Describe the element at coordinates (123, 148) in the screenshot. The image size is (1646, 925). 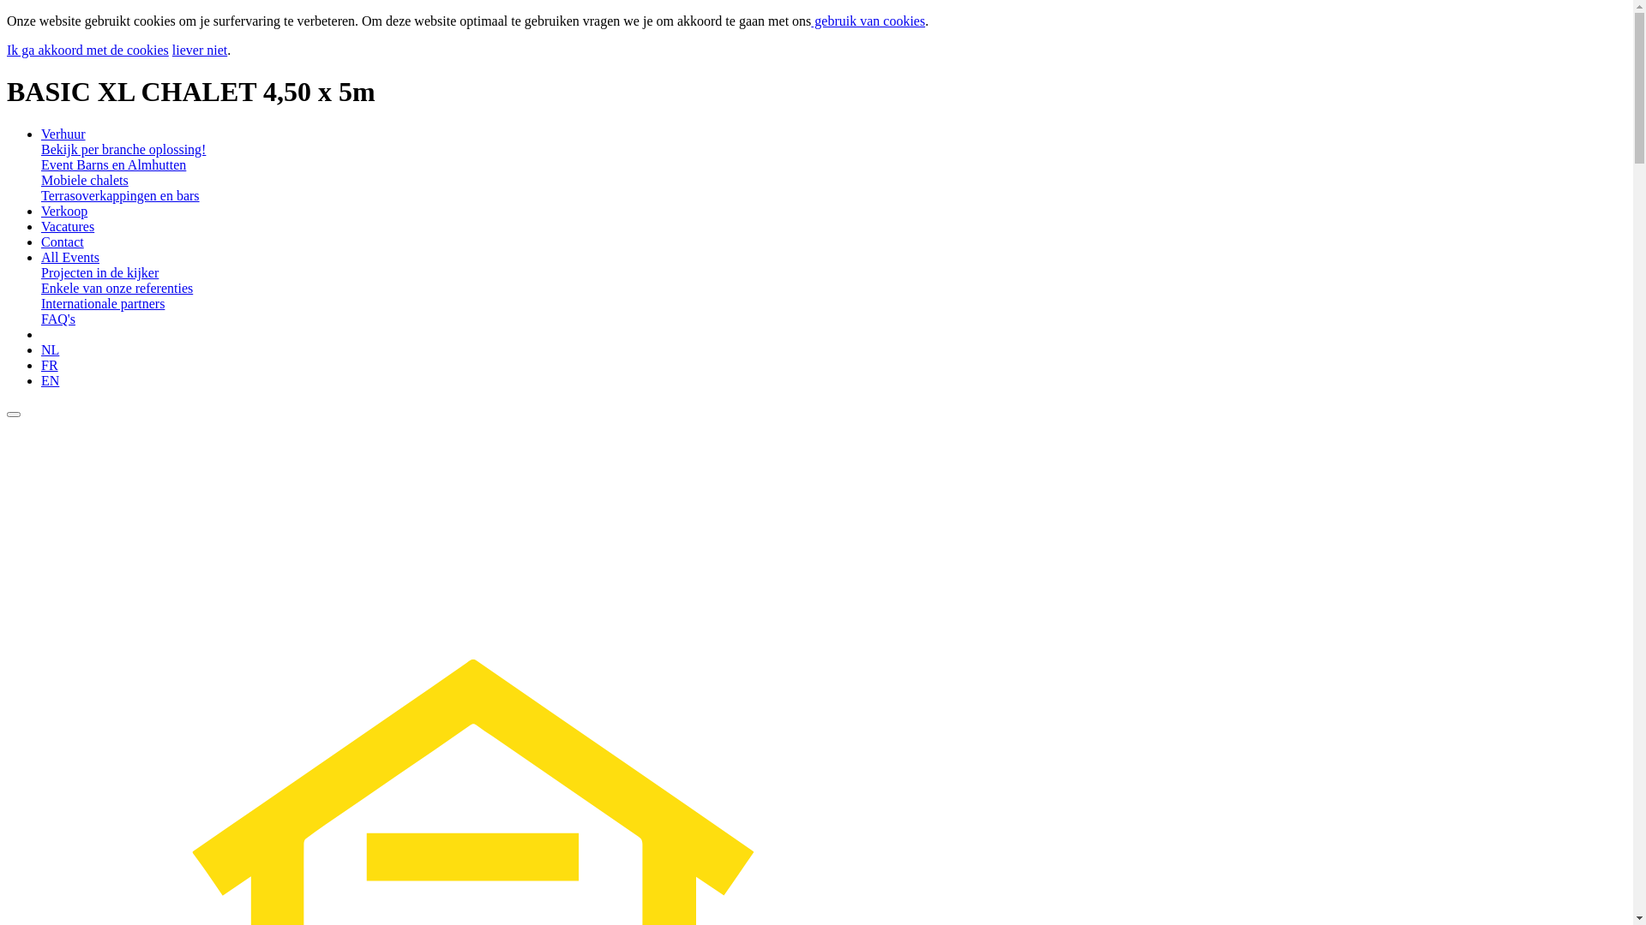
I see `'Bekijk per branche oplossing!'` at that location.